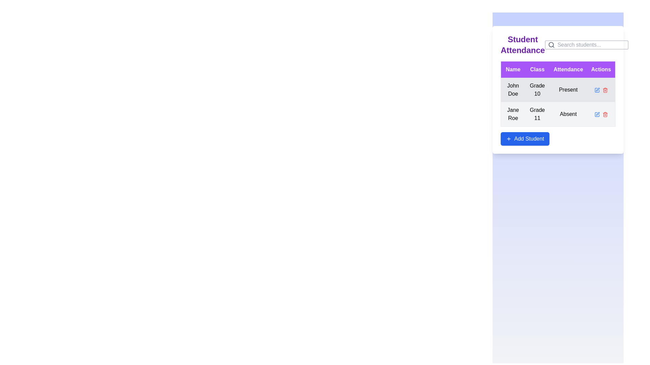 The height and width of the screenshot is (365, 650). What do you see at coordinates (537, 90) in the screenshot?
I see `text label indicating the class grade for 'John Doe', located in the second column of the first row of the data table under the header 'Class'` at bounding box center [537, 90].